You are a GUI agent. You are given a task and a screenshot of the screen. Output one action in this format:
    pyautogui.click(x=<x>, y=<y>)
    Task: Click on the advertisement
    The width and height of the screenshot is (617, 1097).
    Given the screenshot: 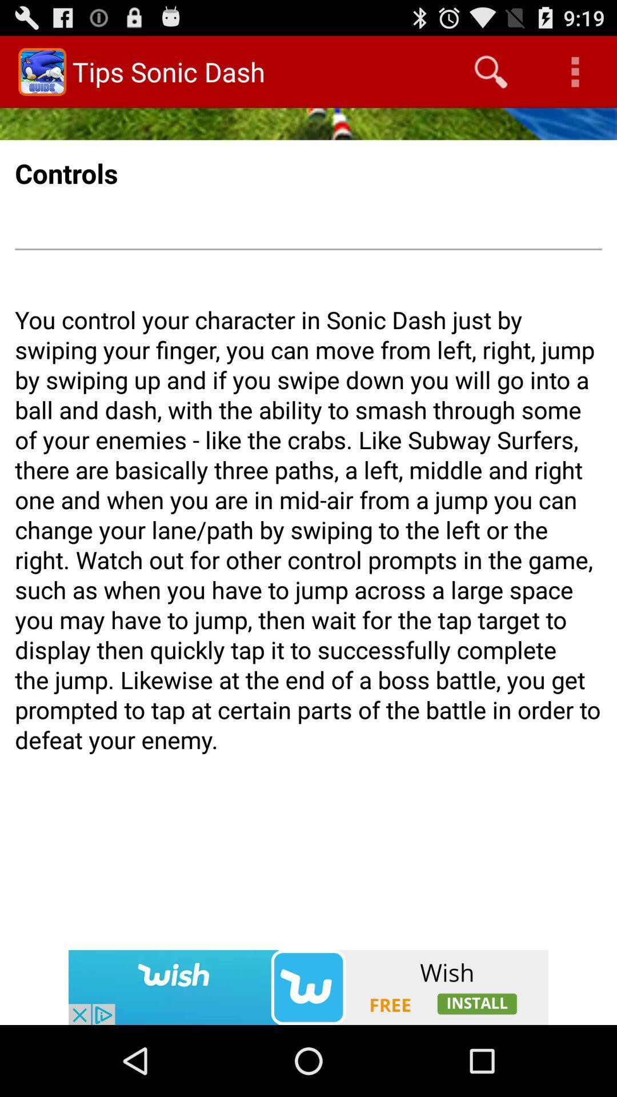 What is the action you would take?
    pyautogui.click(x=308, y=987)
    